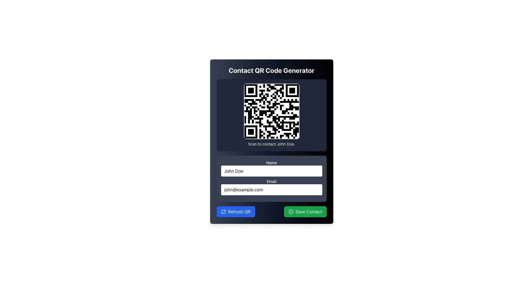  Describe the element at coordinates (271, 168) in the screenshot. I see `the 'Name' text input field` at that location.